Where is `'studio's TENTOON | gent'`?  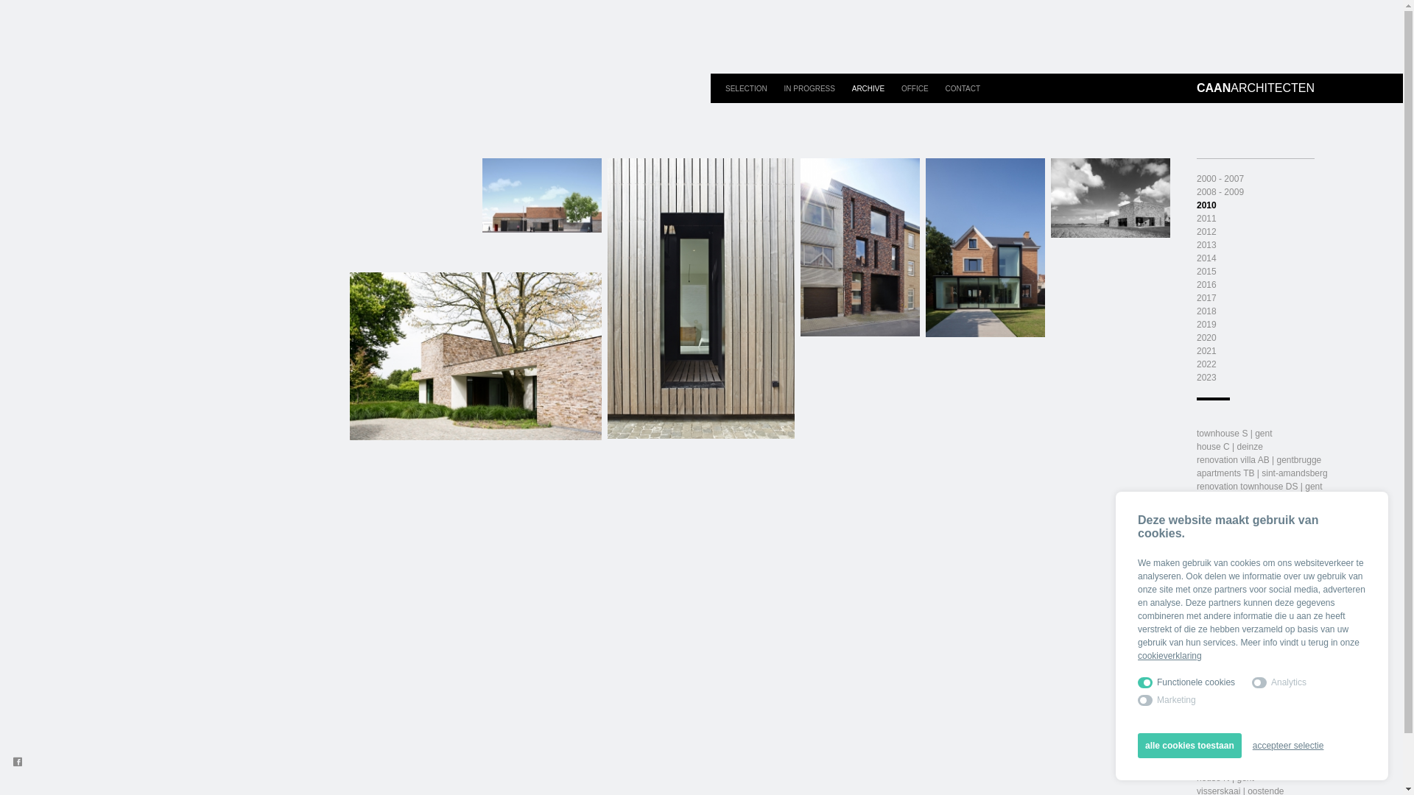 'studio's TENTOON | gent' is located at coordinates (1197, 763).